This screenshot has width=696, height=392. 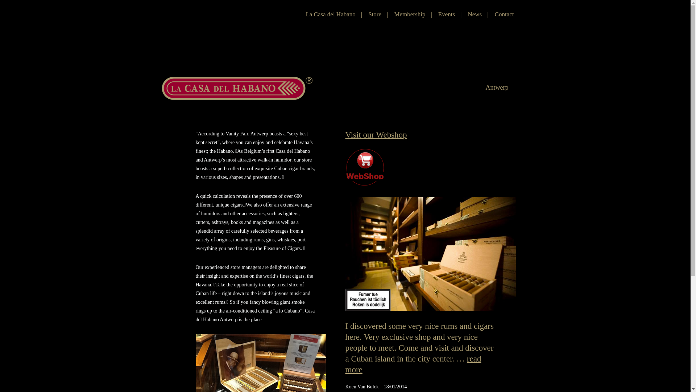 What do you see at coordinates (504, 14) in the screenshot?
I see `'Contact'` at bounding box center [504, 14].